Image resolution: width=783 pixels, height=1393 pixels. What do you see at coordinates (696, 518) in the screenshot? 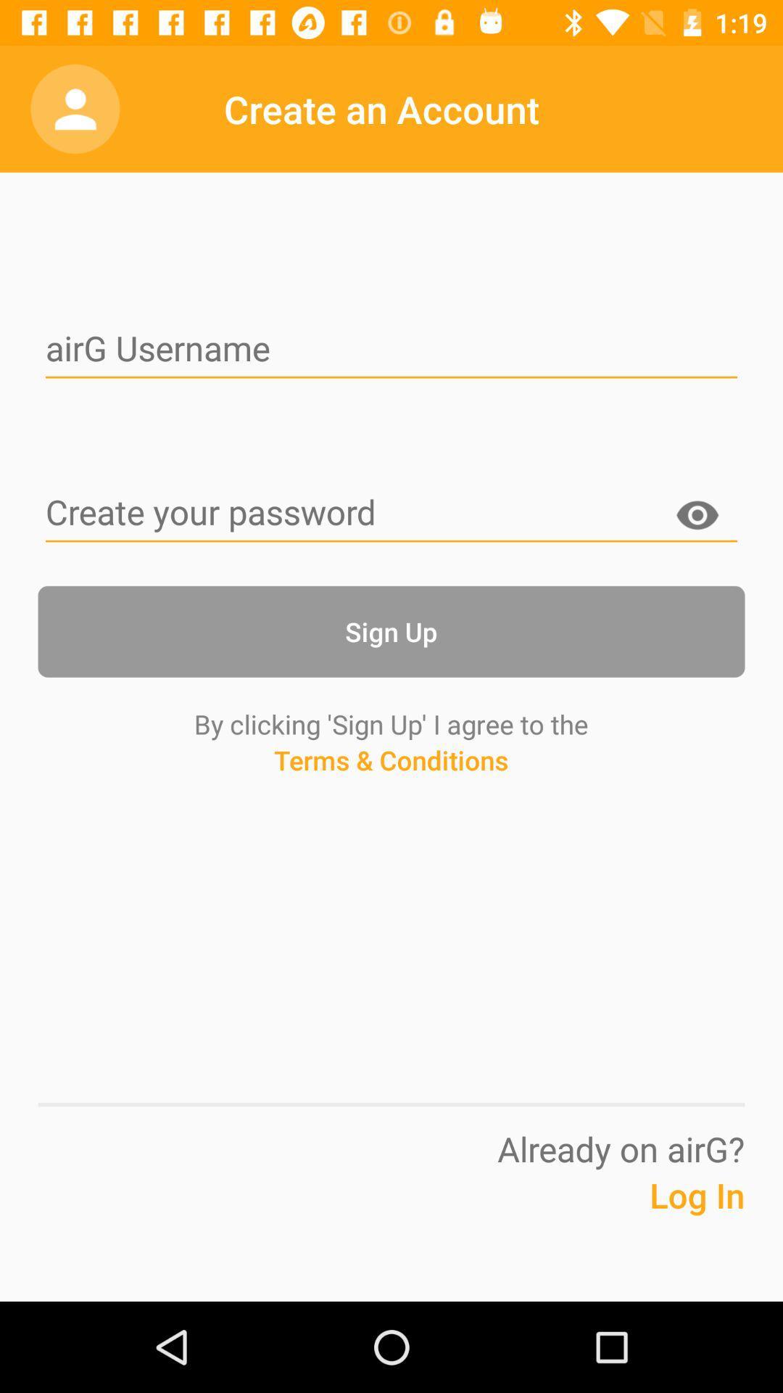
I see `show/hide password` at bounding box center [696, 518].